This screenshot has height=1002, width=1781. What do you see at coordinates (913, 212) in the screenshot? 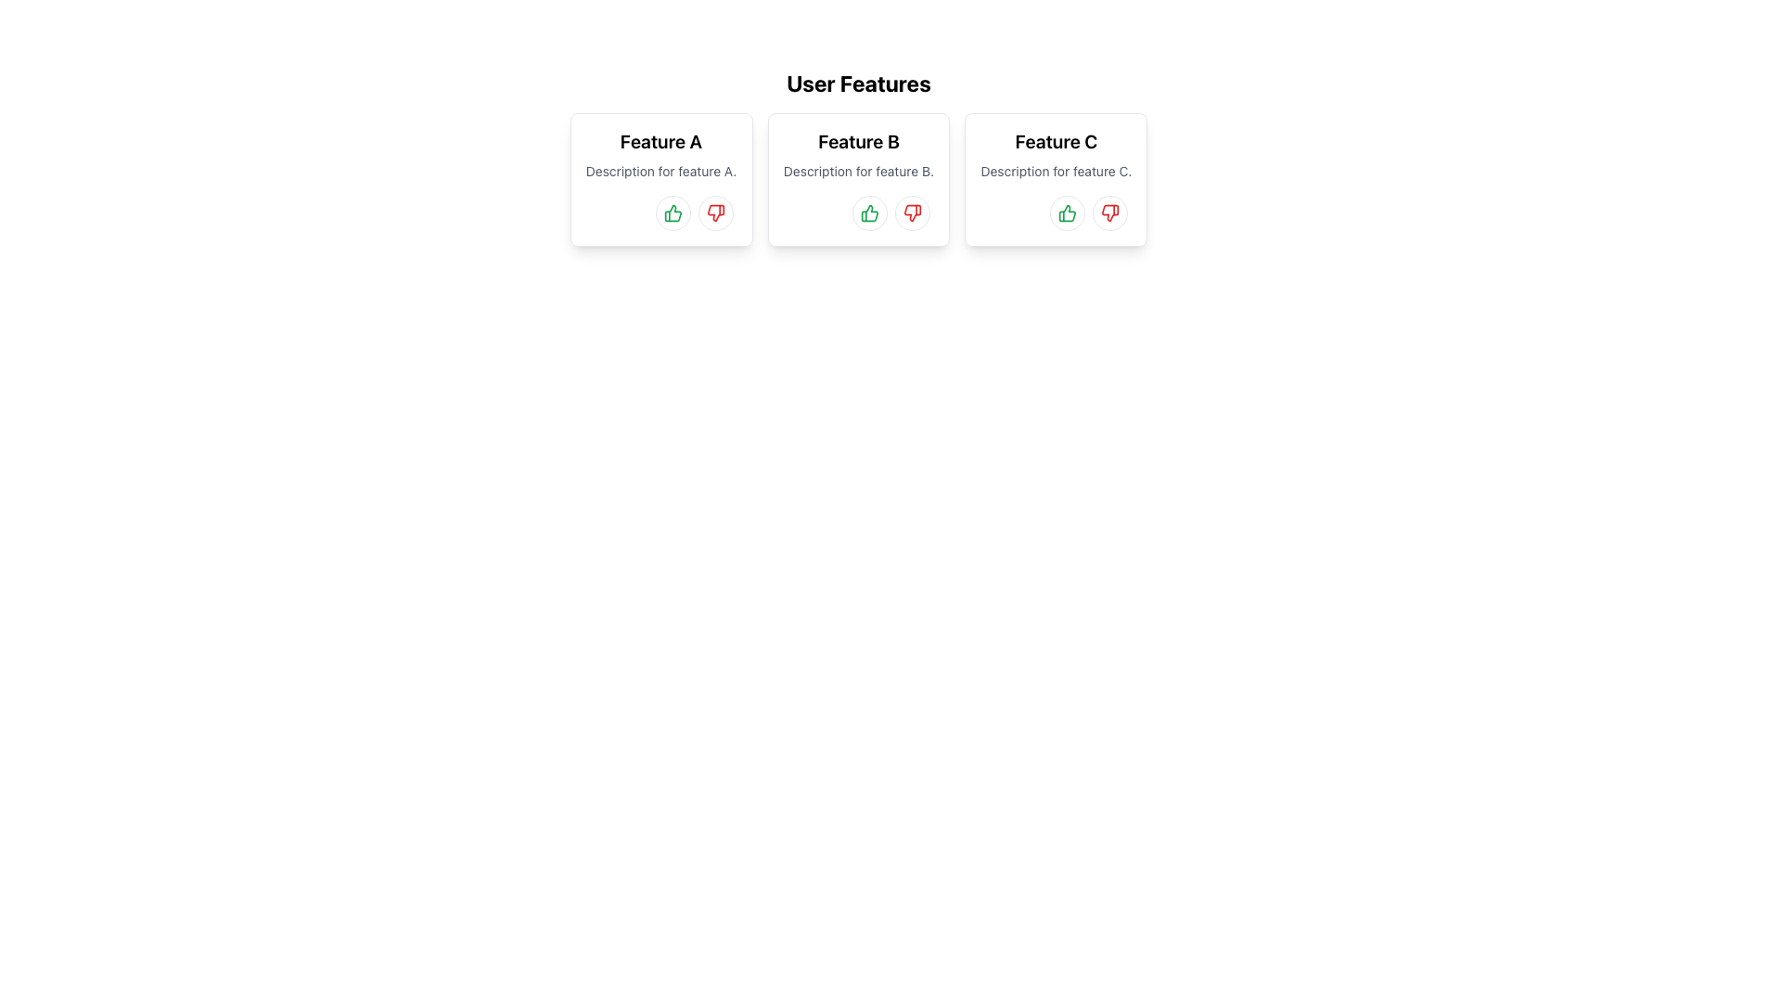
I see `the circular button with a red border and a thumbs-down icon` at bounding box center [913, 212].